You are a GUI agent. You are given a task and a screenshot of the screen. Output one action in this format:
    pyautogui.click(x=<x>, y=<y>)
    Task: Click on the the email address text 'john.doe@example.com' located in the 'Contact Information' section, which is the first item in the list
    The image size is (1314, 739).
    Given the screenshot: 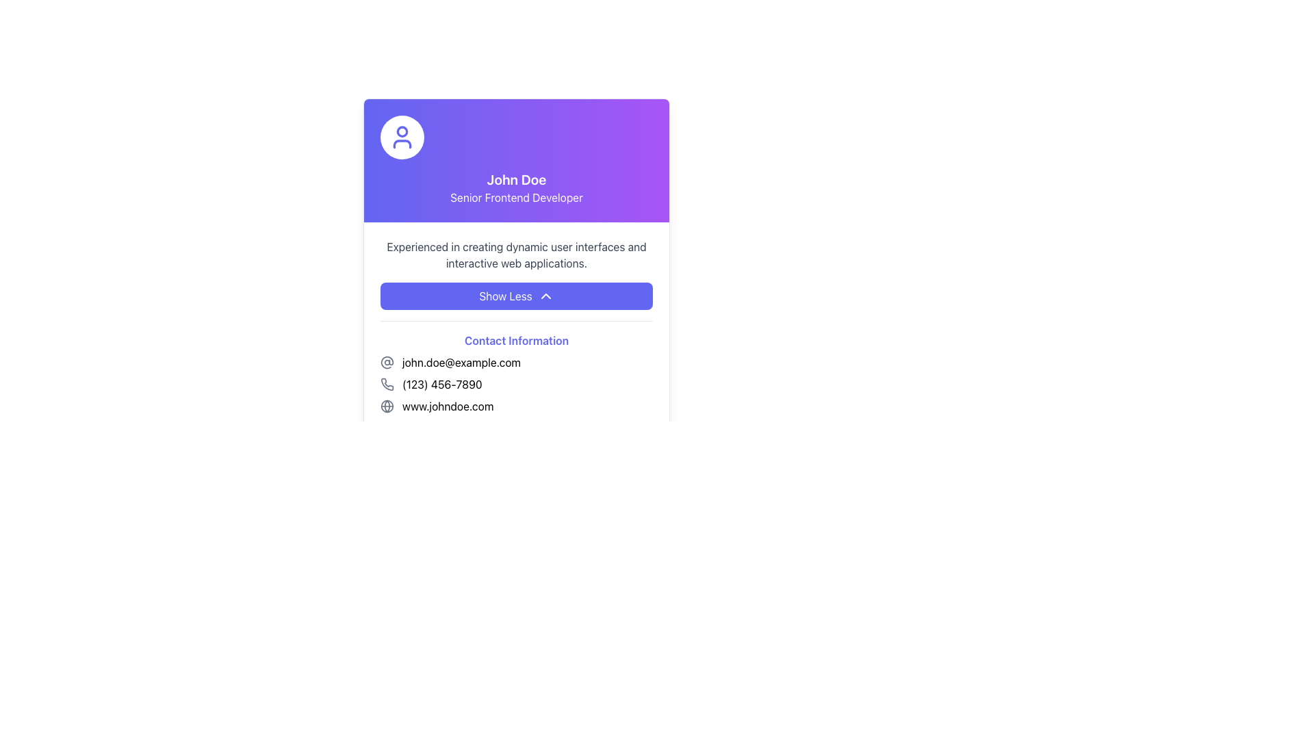 What is the action you would take?
    pyautogui.click(x=515, y=361)
    